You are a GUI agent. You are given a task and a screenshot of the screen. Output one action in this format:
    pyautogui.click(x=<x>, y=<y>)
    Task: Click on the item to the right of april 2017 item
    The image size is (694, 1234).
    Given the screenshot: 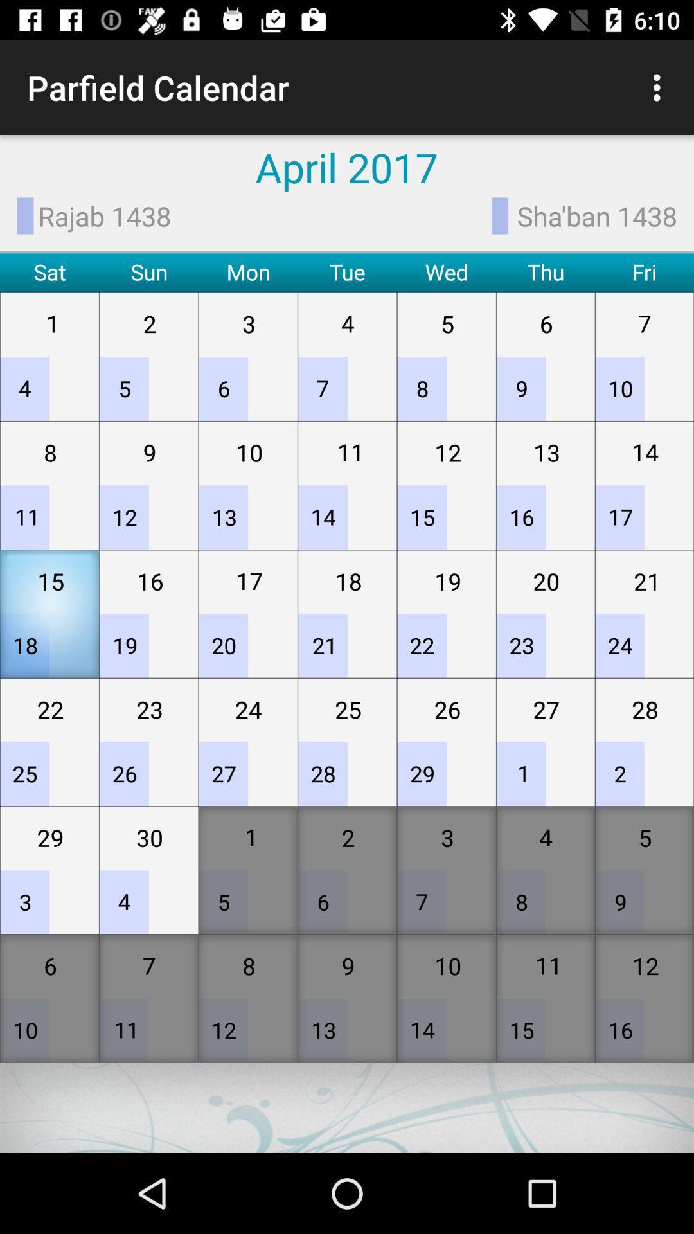 What is the action you would take?
    pyautogui.click(x=660, y=87)
    